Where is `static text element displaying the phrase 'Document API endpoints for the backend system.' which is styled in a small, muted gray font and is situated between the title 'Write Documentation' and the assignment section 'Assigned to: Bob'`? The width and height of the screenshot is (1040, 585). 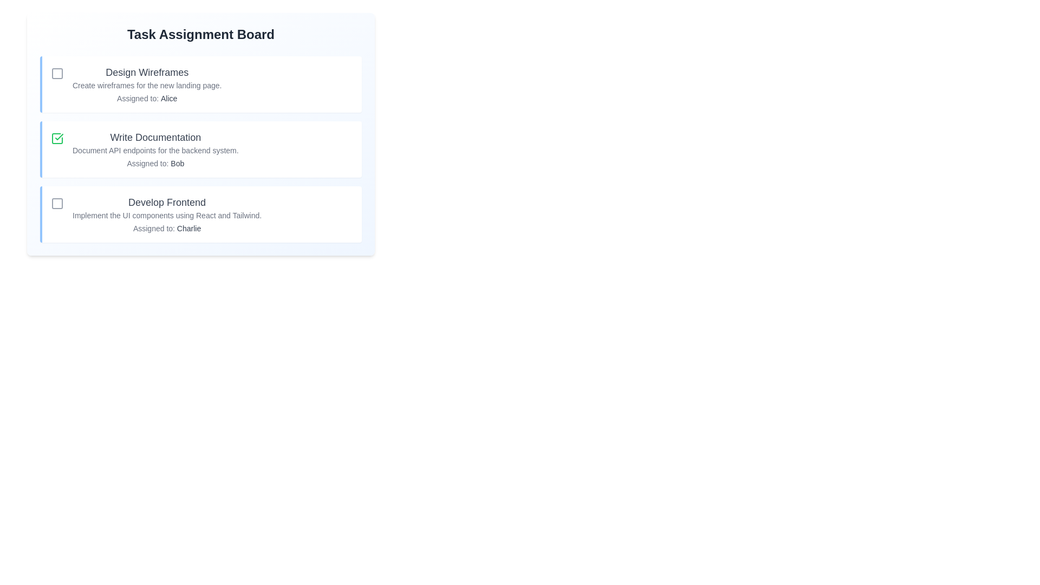
static text element displaying the phrase 'Document API endpoints for the backend system.' which is styled in a small, muted gray font and is situated between the title 'Write Documentation' and the assignment section 'Assigned to: Bob' is located at coordinates (155, 150).